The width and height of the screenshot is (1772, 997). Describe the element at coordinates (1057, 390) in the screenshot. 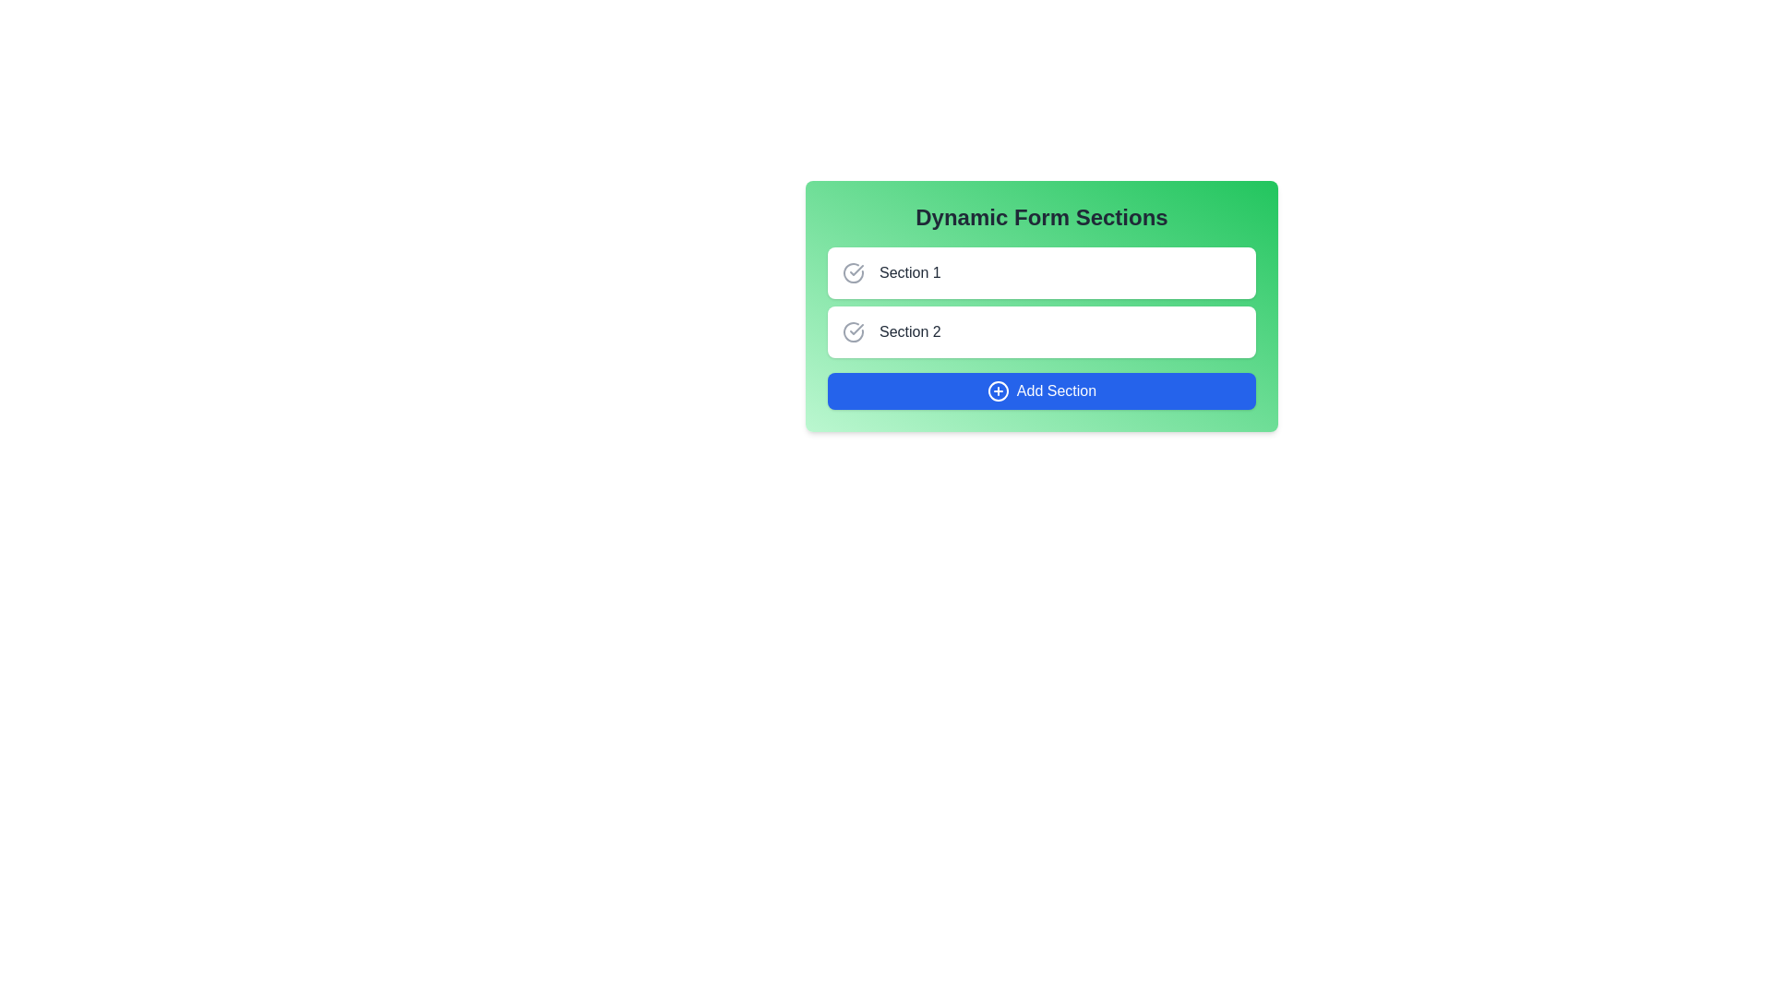

I see `the 'Add Section' text label which is styled in white font on a blue rectangular button, located at the bottom of the green background panel below 'Section 2'` at that location.